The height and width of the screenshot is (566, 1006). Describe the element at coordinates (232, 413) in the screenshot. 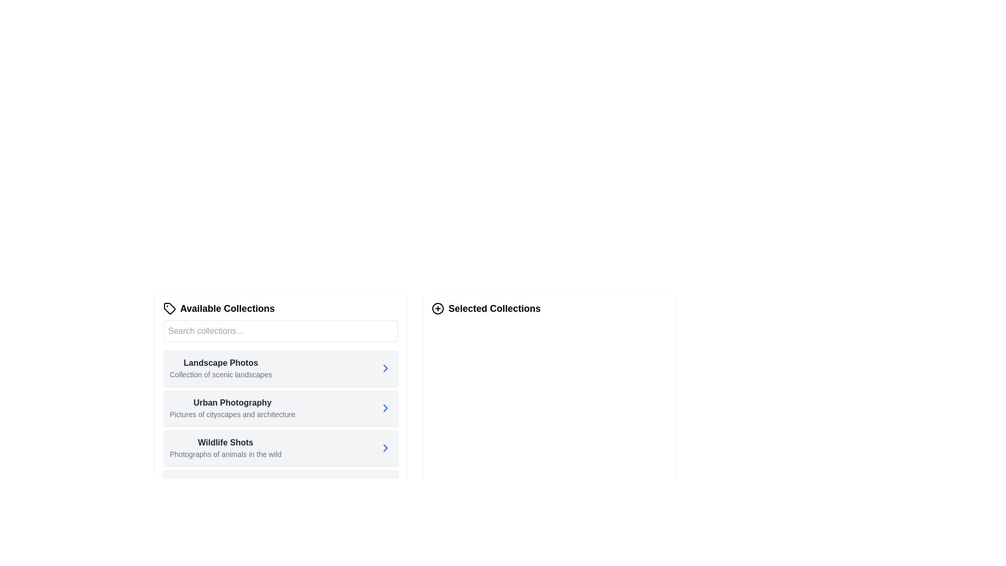

I see `text label element that contains 'Pictures of cityscapes and architecture.' located underneath the heading 'Urban Photography' in the 'Available Collections' section` at that location.